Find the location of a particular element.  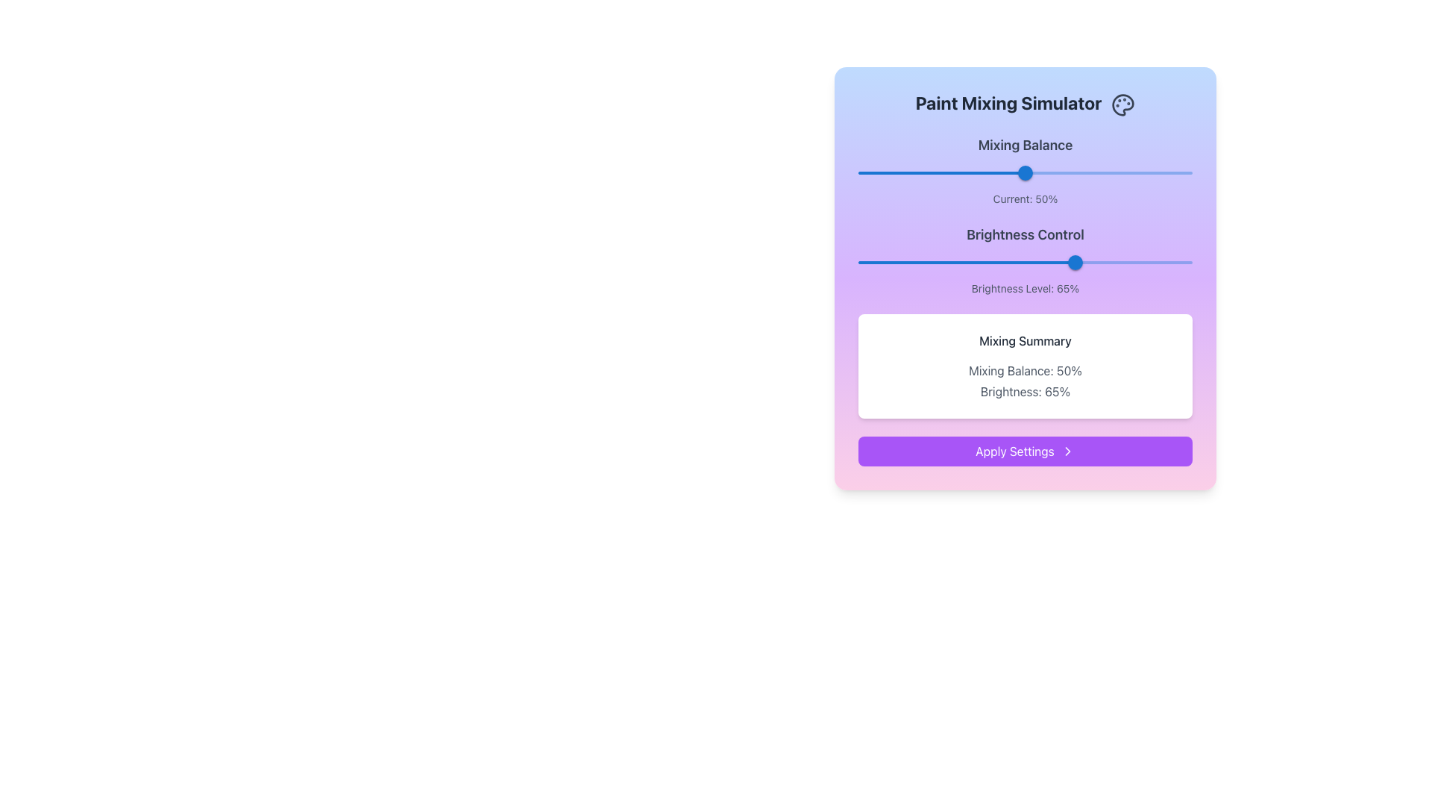

the brightness level is located at coordinates (1058, 261).